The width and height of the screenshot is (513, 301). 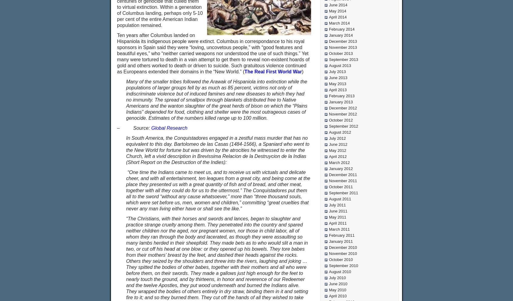 What do you see at coordinates (340, 241) in the screenshot?
I see `'January 2011'` at bounding box center [340, 241].